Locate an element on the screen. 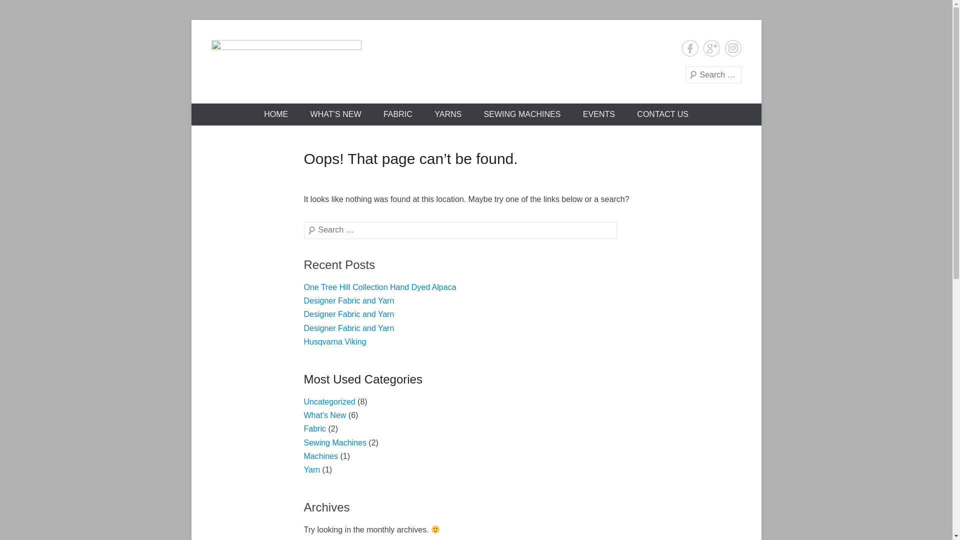  'EVENTS' is located at coordinates (599, 113).